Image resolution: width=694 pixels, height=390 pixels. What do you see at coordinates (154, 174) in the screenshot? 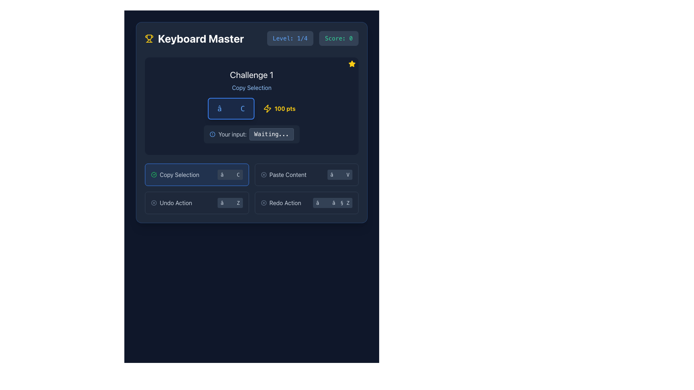
I see `the confirmation icon indicating a successful status for the 'Copy Selection' action, located next to the text 'Copy Selection' in the top-left portion of the grouped buttons section` at bounding box center [154, 174].